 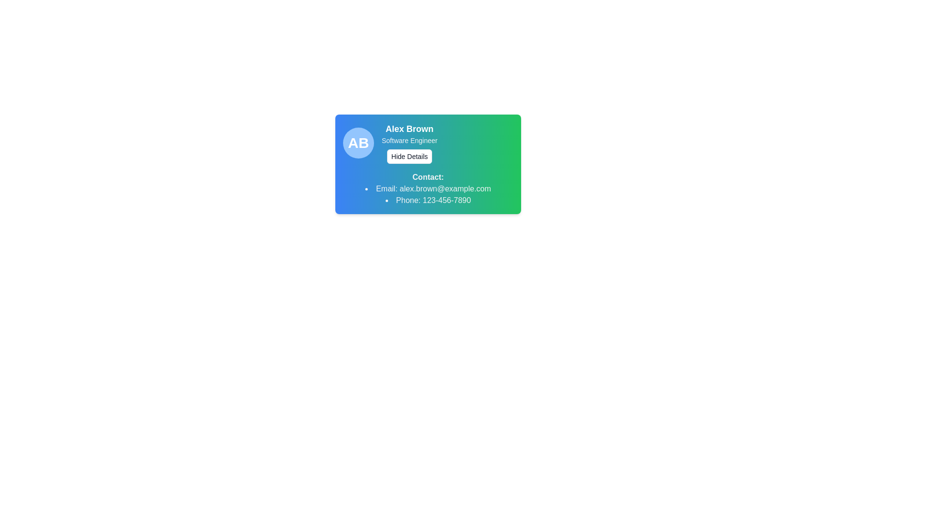 What do you see at coordinates (427, 143) in the screenshot?
I see `the 'Hide Details' button in the Information block that displays user identification and action options, located at the top section of a card-like component` at bounding box center [427, 143].